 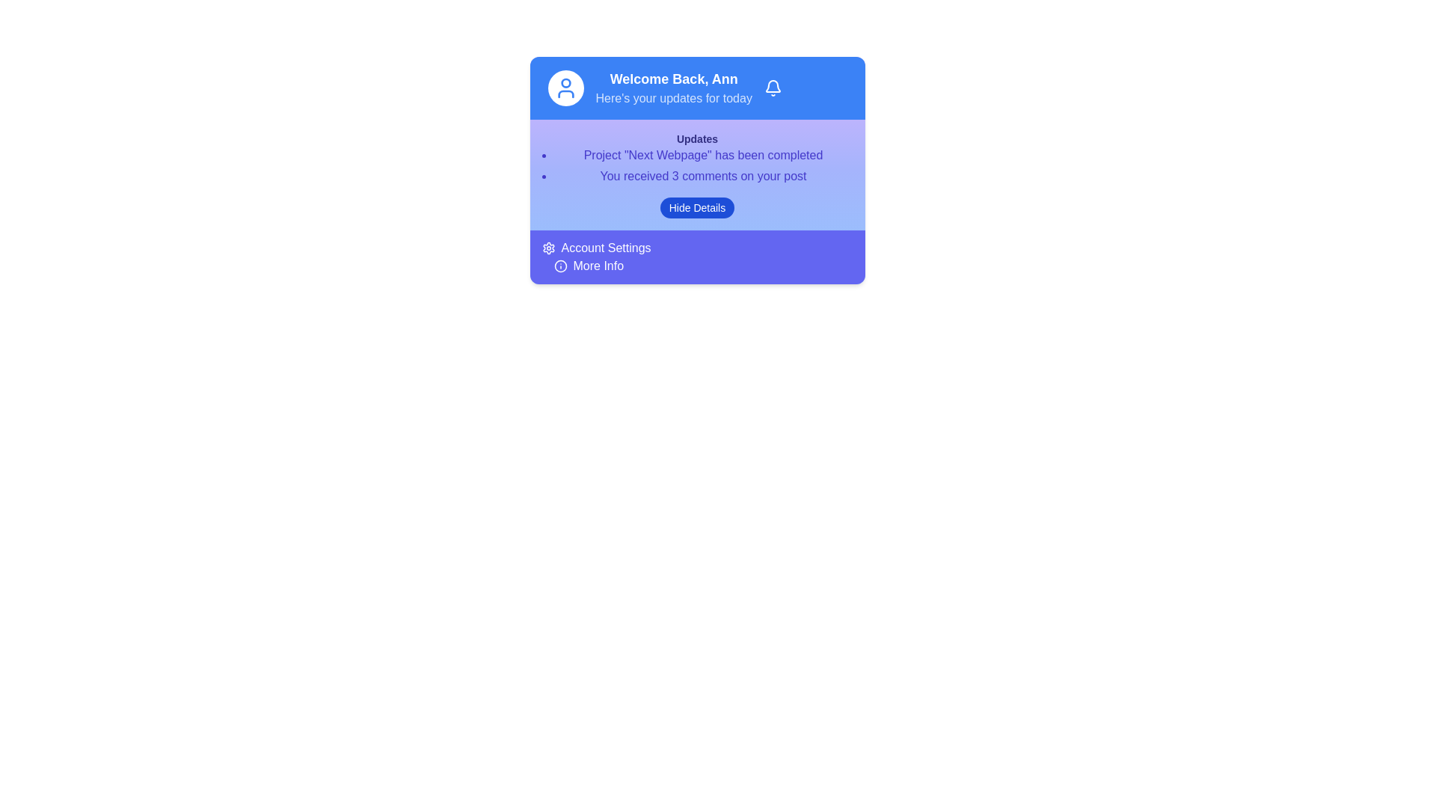 What do you see at coordinates (547, 247) in the screenshot?
I see `the cogwheel-shaped icon with a purple background` at bounding box center [547, 247].